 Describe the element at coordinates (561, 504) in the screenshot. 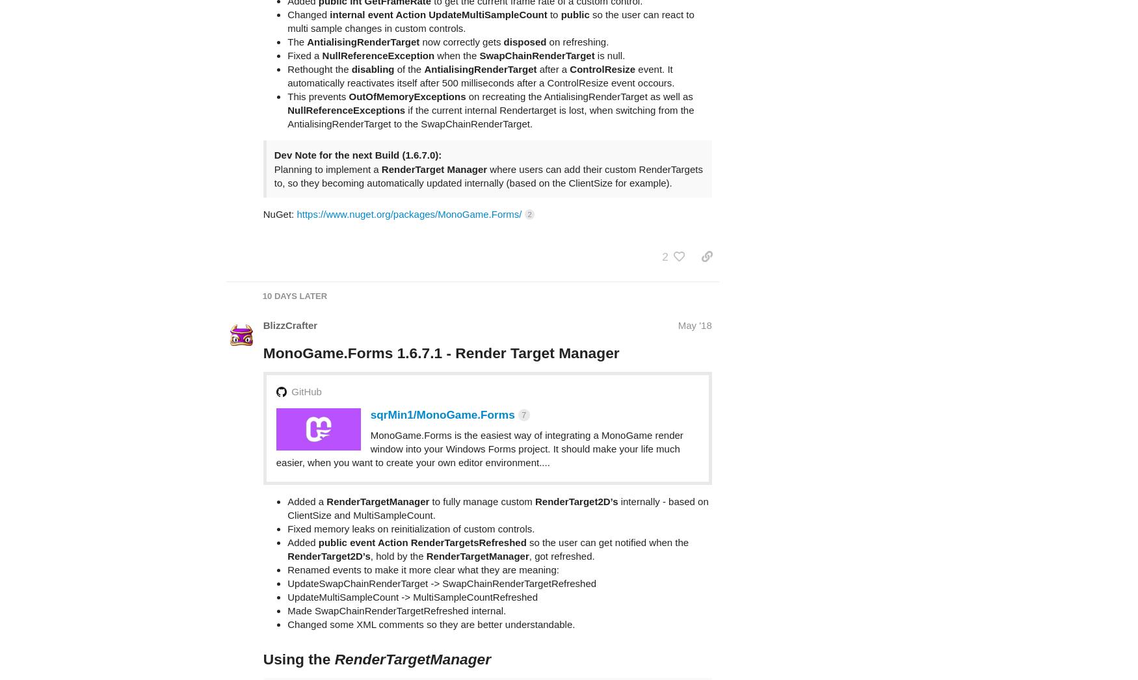

I see `', got refreshed.'` at that location.